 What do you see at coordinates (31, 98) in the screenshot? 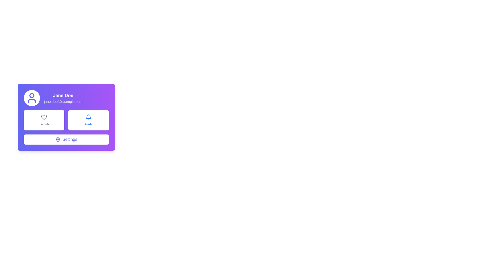
I see `the user avatar icon which represents the profile image of 'Jane Doe'` at bounding box center [31, 98].